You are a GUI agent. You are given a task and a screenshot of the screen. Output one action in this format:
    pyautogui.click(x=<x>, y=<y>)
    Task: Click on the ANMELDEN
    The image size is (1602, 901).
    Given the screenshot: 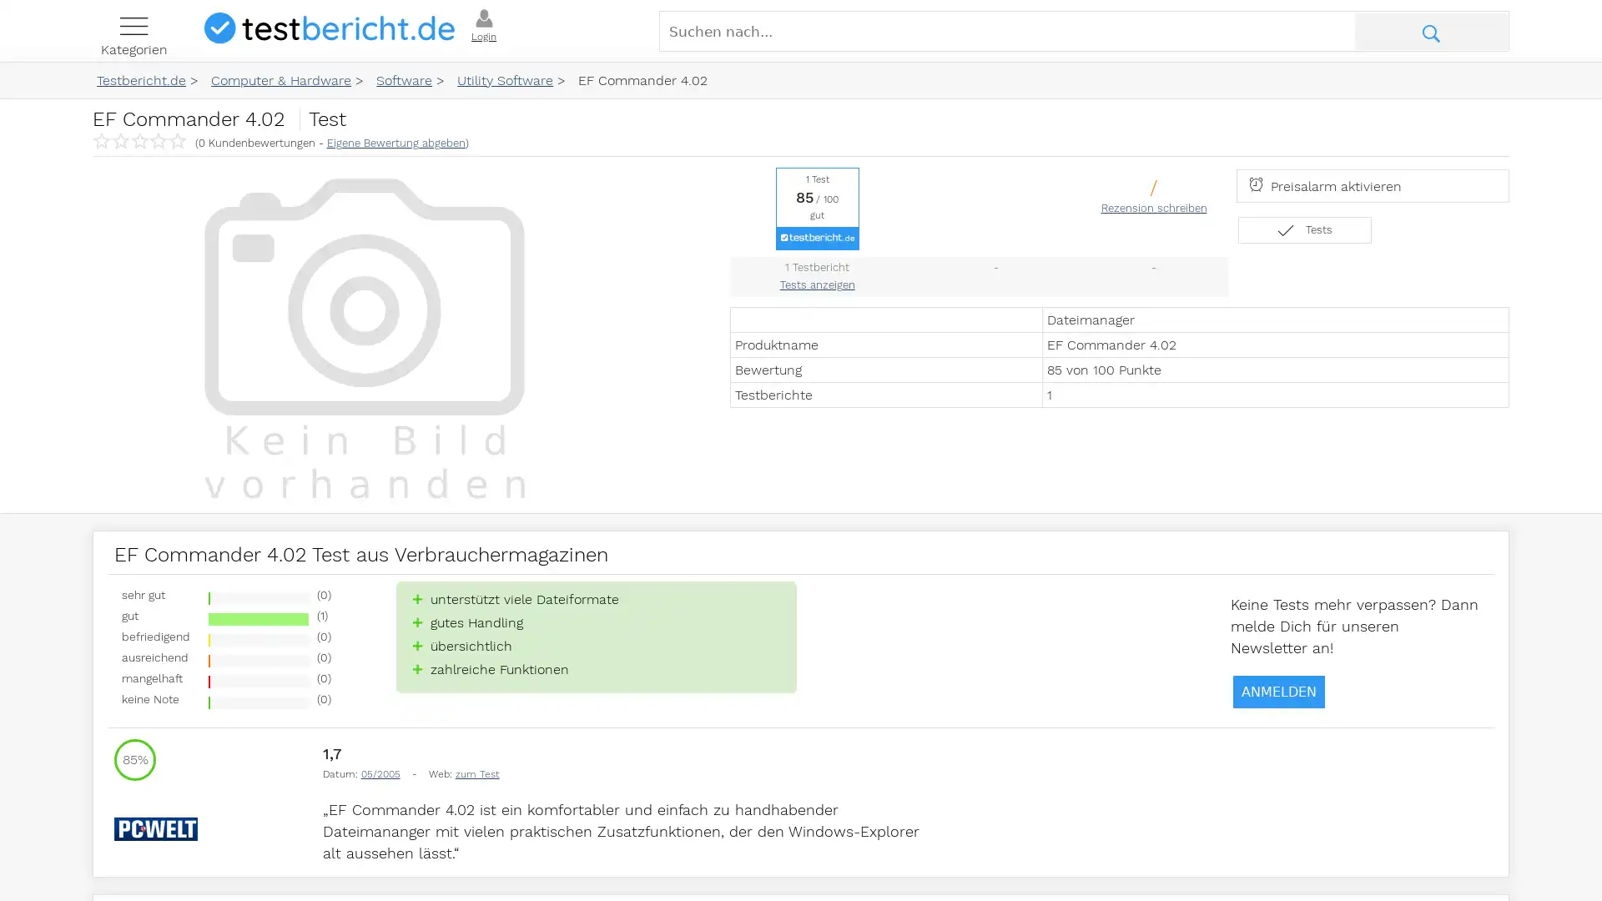 What is the action you would take?
    pyautogui.click(x=1277, y=692)
    